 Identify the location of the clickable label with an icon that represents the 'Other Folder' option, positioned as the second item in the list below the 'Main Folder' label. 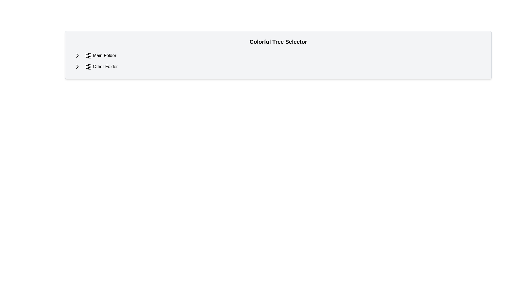
(101, 66).